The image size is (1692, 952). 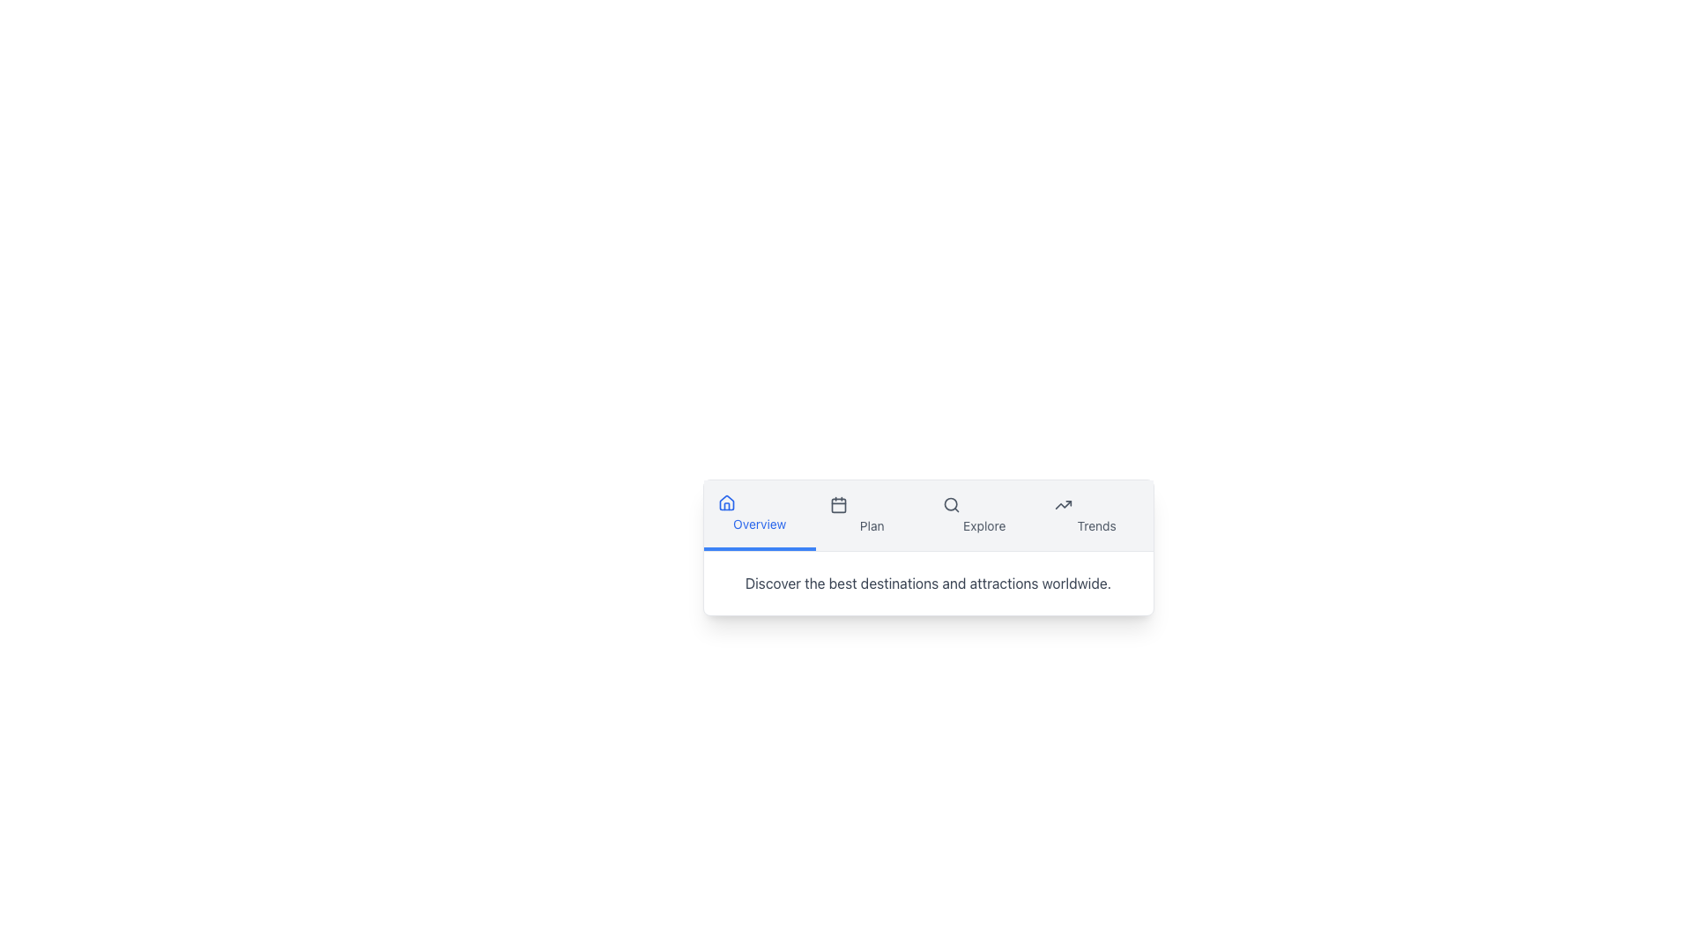 What do you see at coordinates (983, 525) in the screenshot?
I see `the text label displaying 'Explore', which is the third option in the navigation menu below a magnifying glass icon` at bounding box center [983, 525].